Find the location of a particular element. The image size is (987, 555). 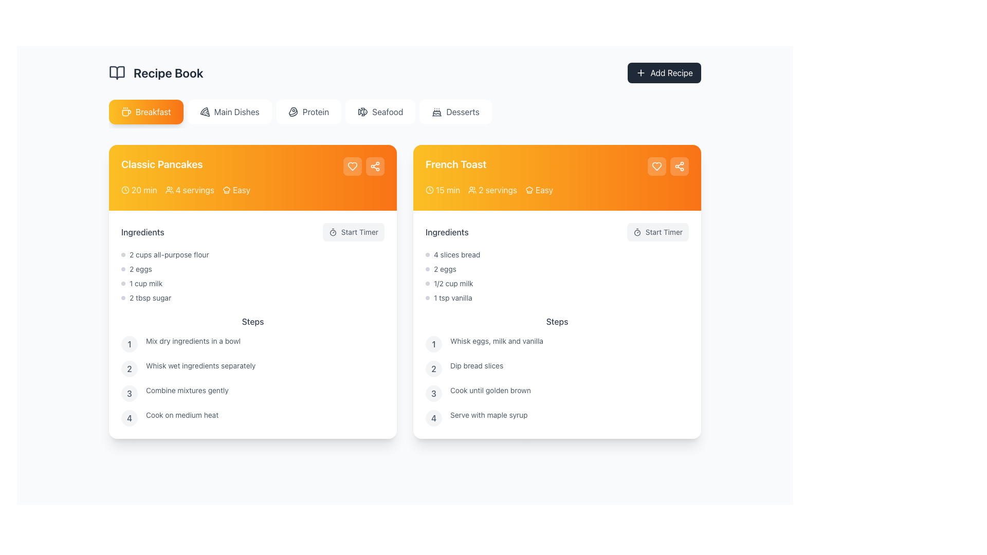

the plus symbol SVG icon located within the 'Add Recipe' button in the header area above the recipe cards is located at coordinates (641, 72).